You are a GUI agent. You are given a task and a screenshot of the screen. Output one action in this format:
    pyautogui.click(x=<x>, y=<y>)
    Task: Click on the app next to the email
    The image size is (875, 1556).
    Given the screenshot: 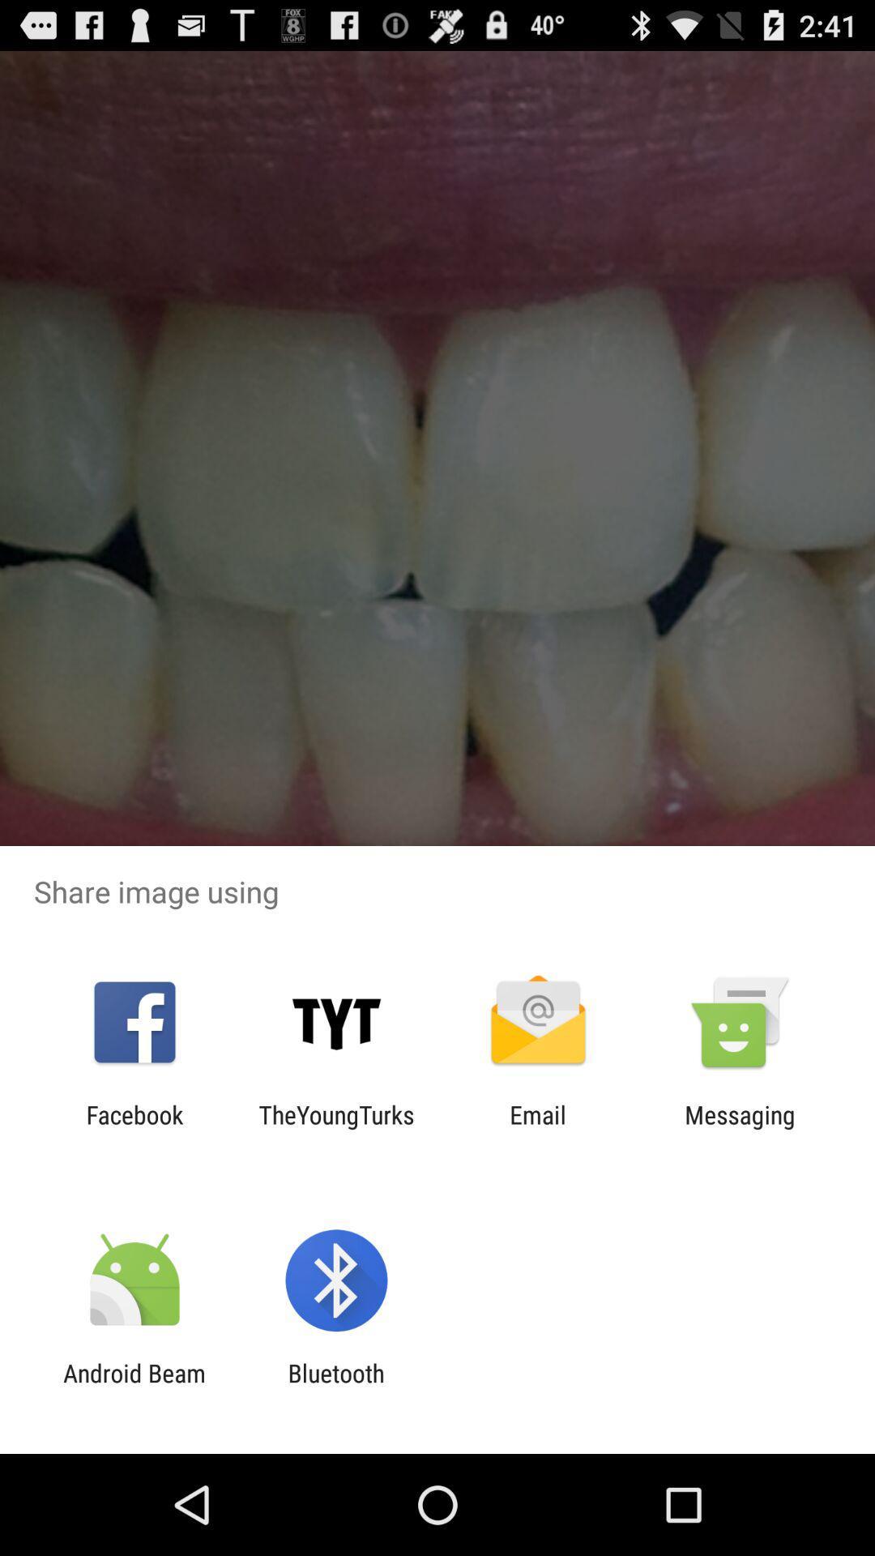 What is the action you would take?
    pyautogui.click(x=335, y=1128)
    